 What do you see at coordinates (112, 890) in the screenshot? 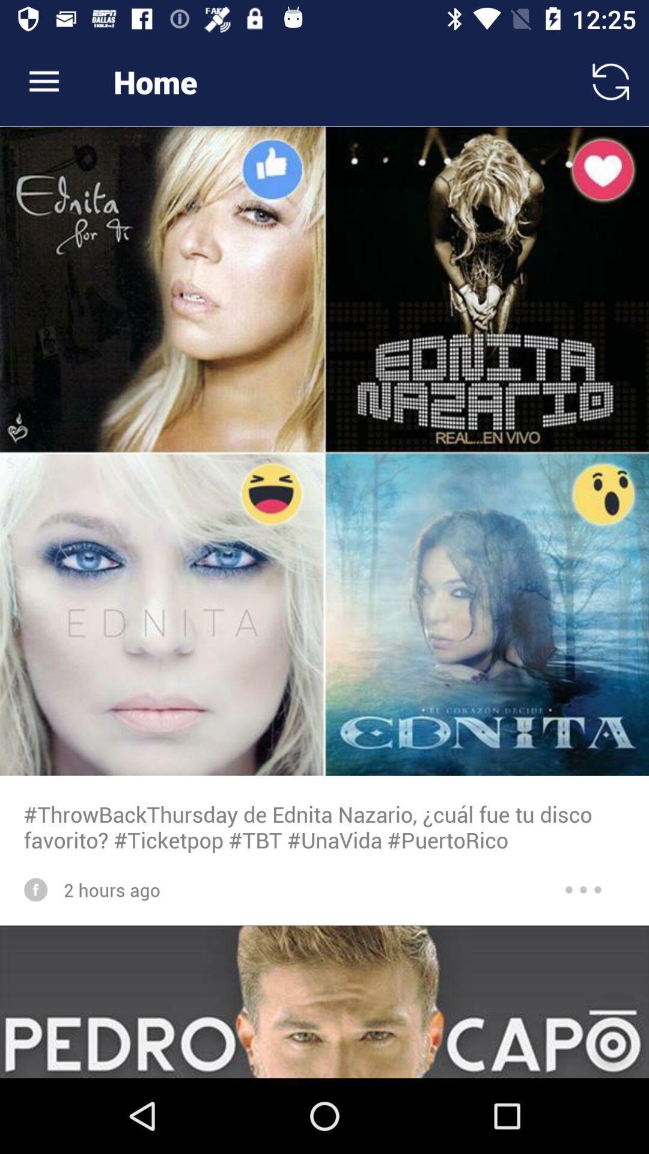
I see `the 2 hours ago` at bounding box center [112, 890].